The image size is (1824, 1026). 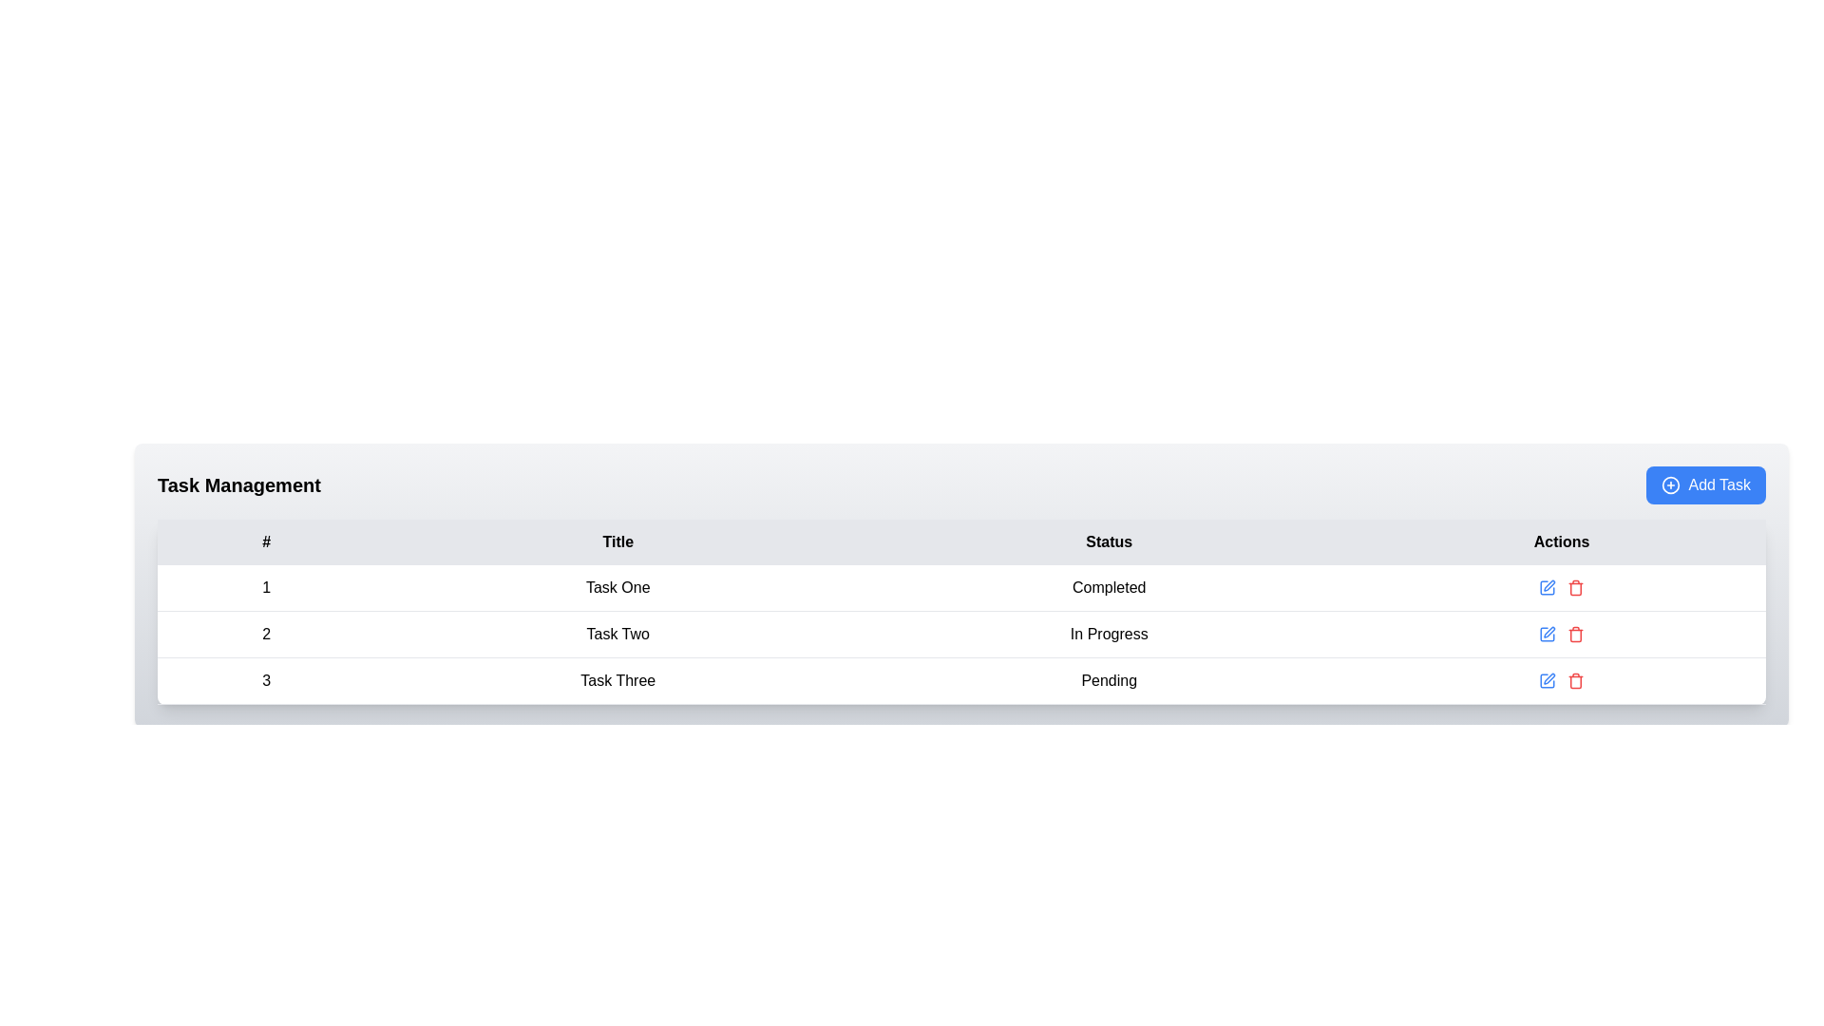 What do you see at coordinates (617, 587) in the screenshot?
I see `the text label displaying 'Task One' which is bold and centered in the task management table, located under the 'Title' column` at bounding box center [617, 587].